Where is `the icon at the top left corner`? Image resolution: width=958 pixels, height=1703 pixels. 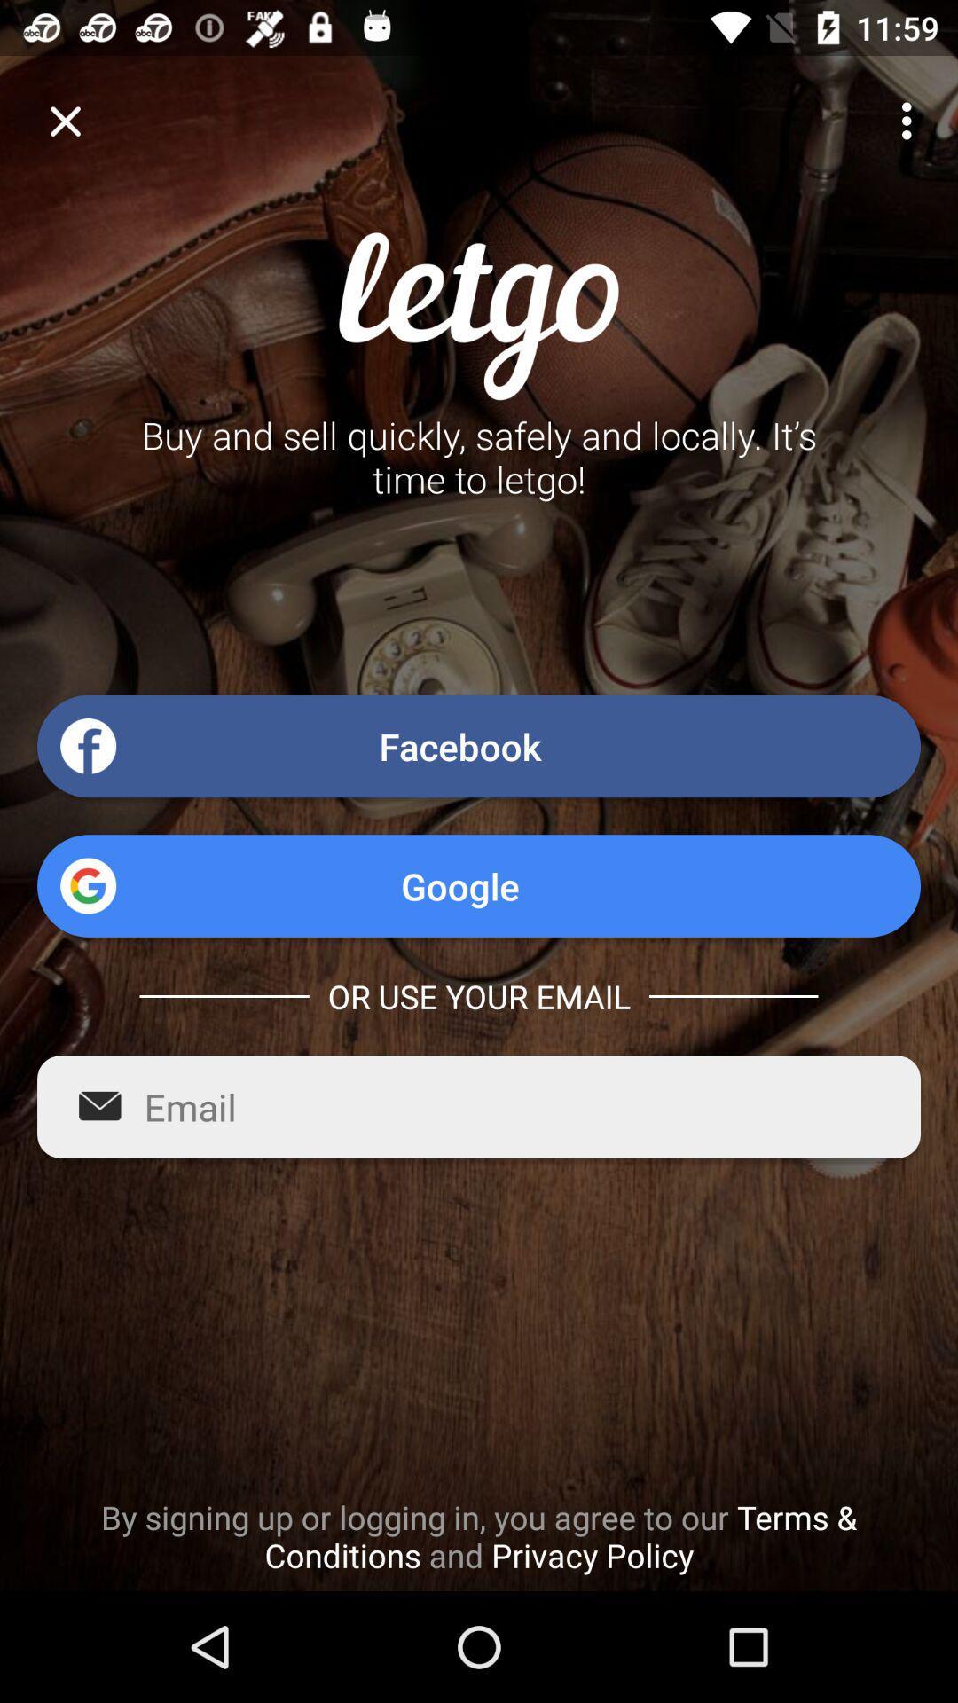
the icon at the top left corner is located at coordinates (64, 120).